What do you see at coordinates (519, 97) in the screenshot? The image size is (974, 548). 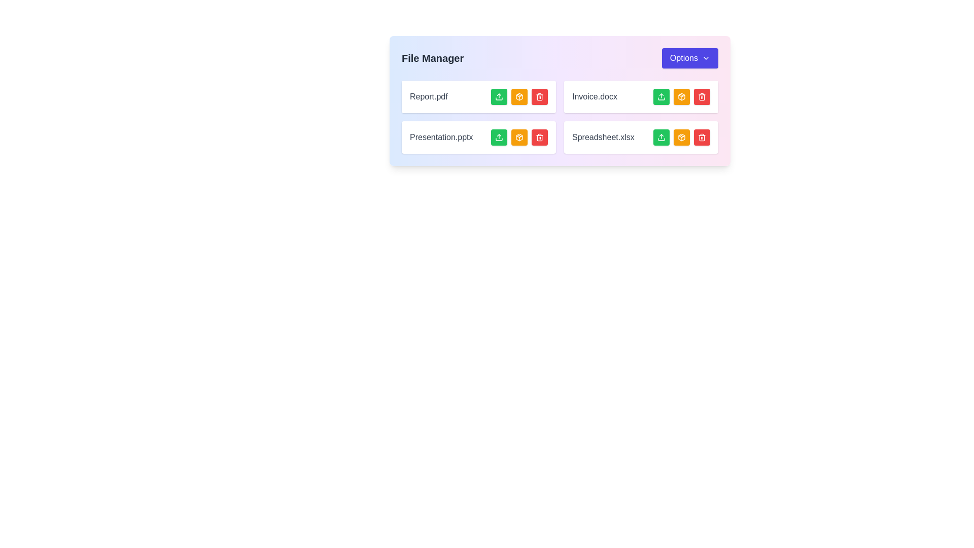 I see `the 'Archive' button located as the second button in the row of three buttons next to the file named 'Report.pdf' in the File Manager interface to archive the file` at bounding box center [519, 97].